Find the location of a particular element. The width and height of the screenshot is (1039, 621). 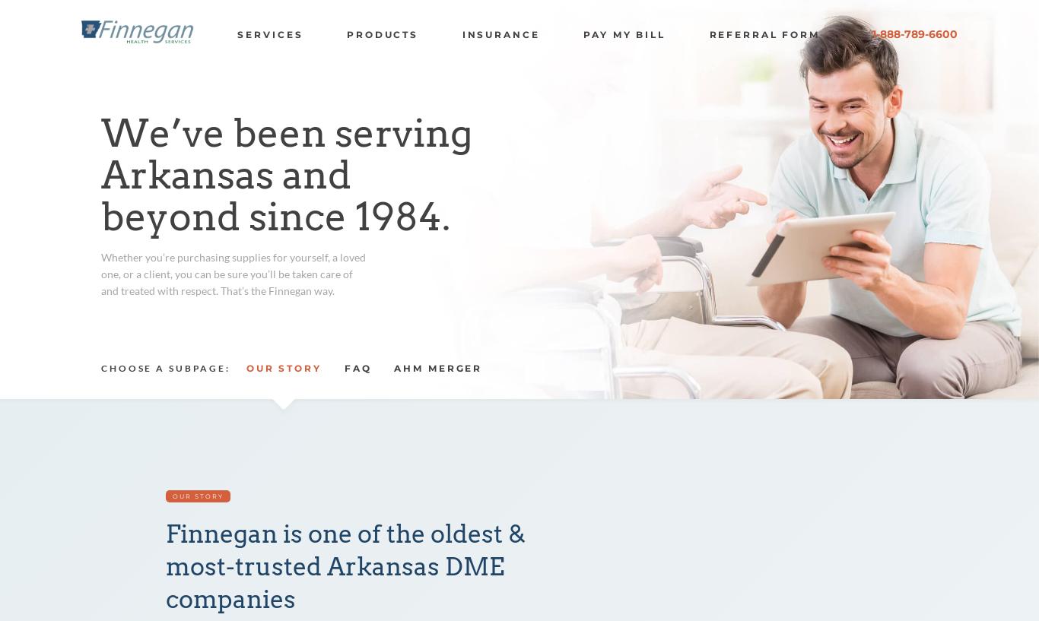

'FAQ' is located at coordinates (357, 368).